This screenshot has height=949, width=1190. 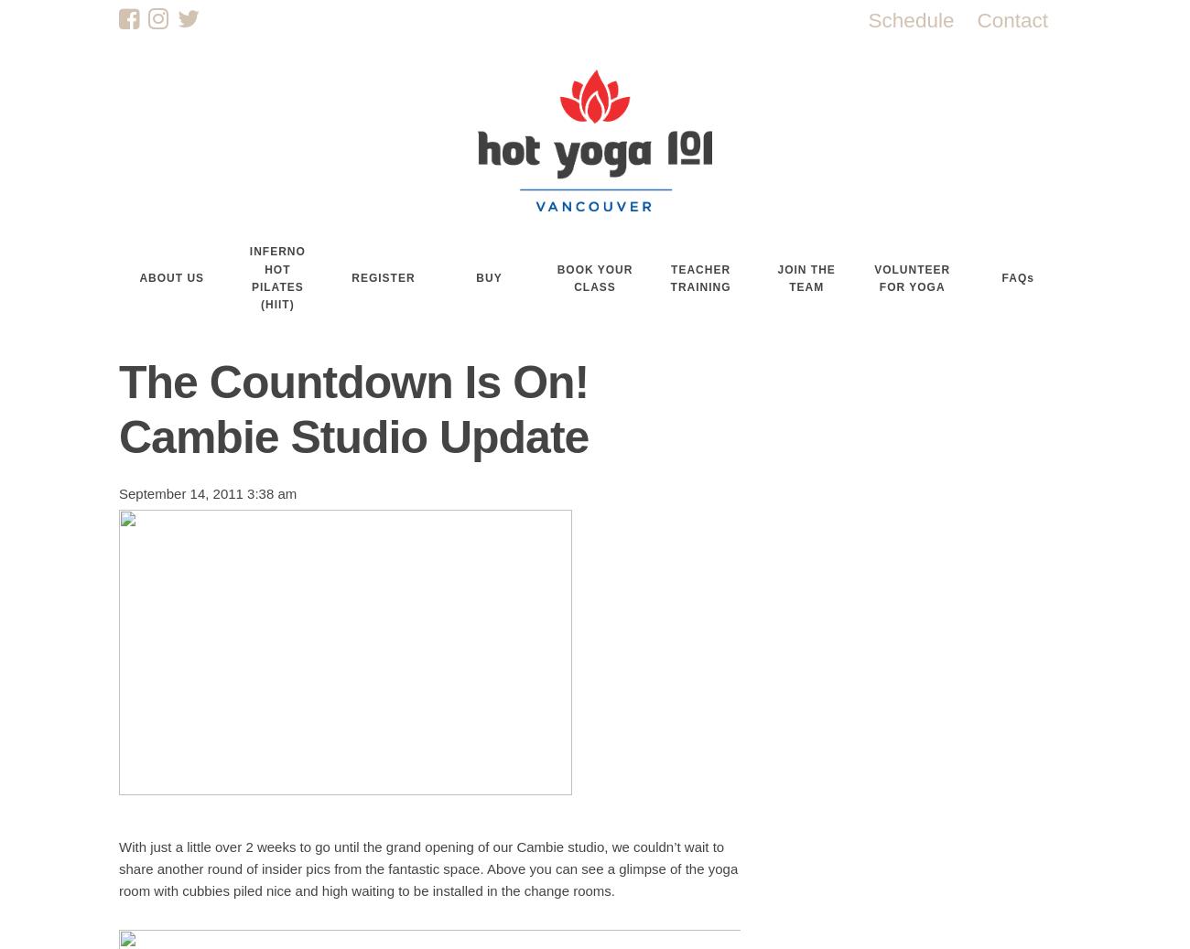 What do you see at coordinates (489, 277) in the screenshot?
I see `'BUY'` at bounding box center [489, 277].